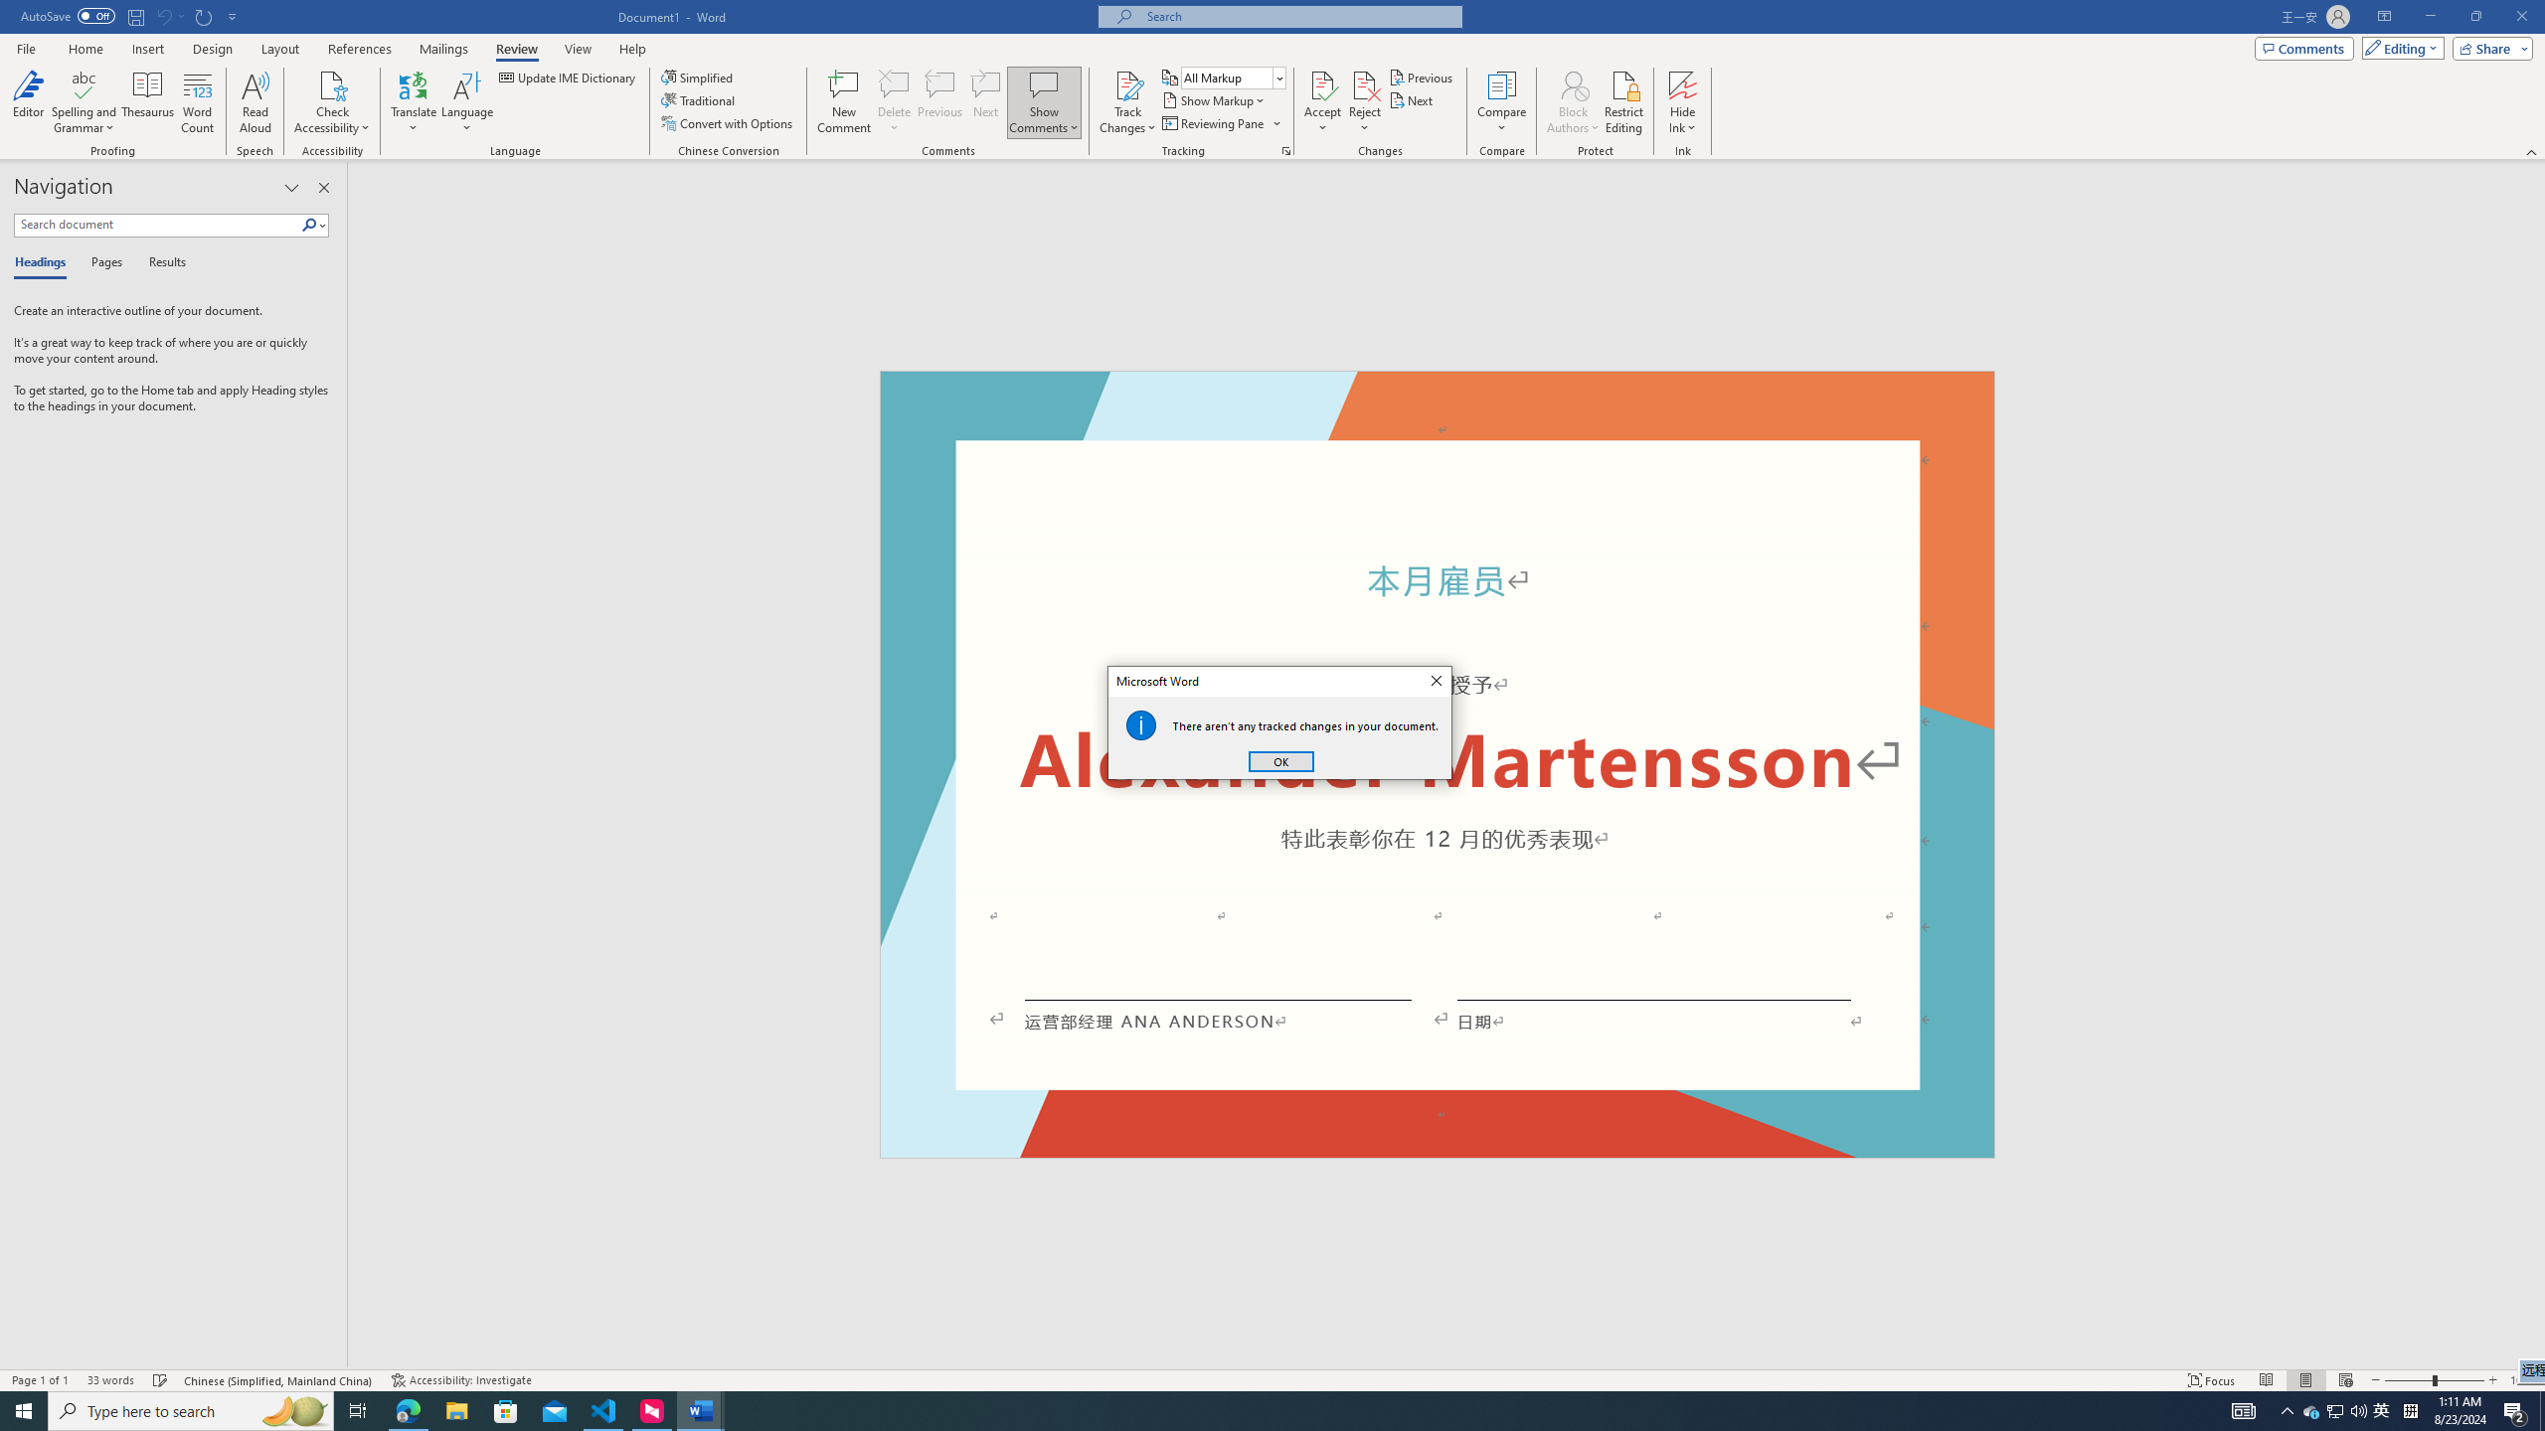 This screenshot has height=1431, width=2545. What do you see at coordinates (2383, 16) in the screenshot?
I see `'Ribbon Display Options'` at bounding box center [2383, 16].